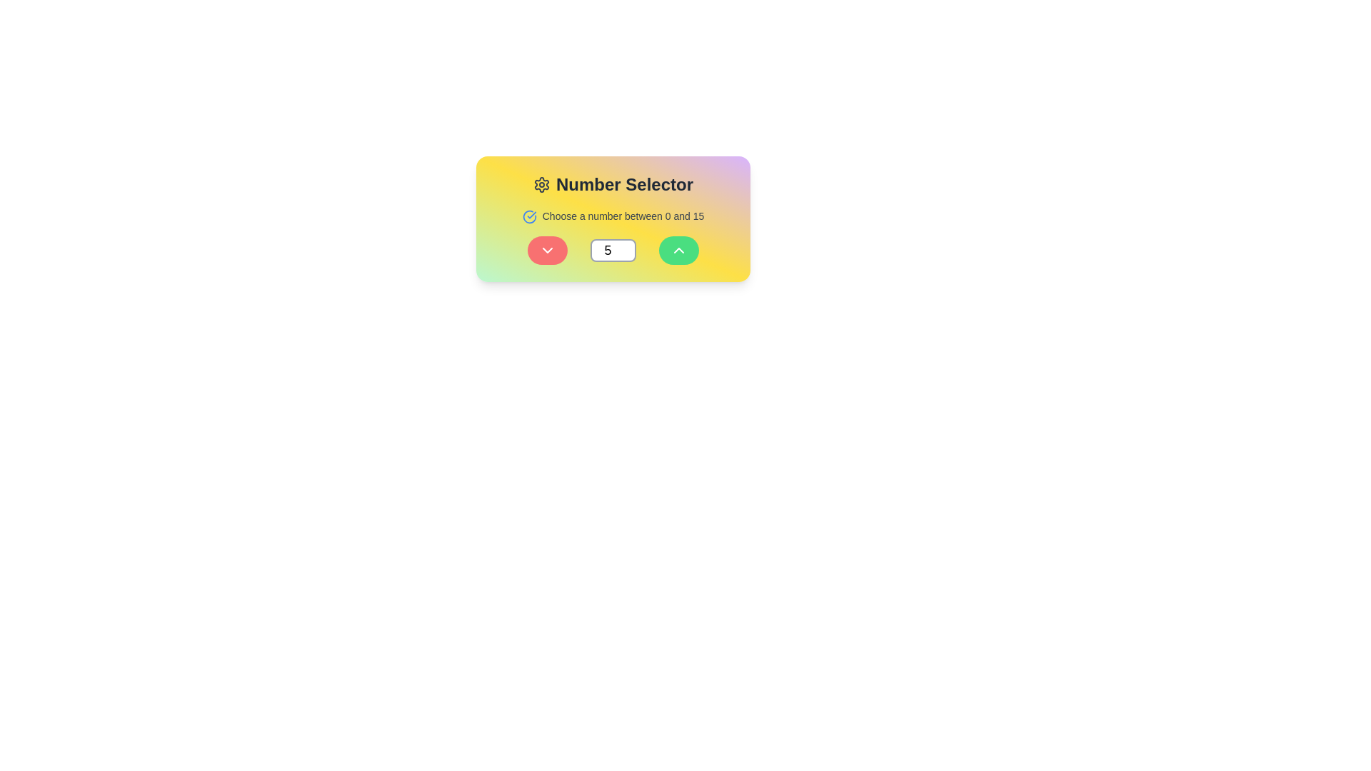  Describe the element at coordinates (623, 216) in the screenshot. I see `instructional label text located to the right of the blue circular icon with a checkmark under the 'Number Selector' header` at that location.